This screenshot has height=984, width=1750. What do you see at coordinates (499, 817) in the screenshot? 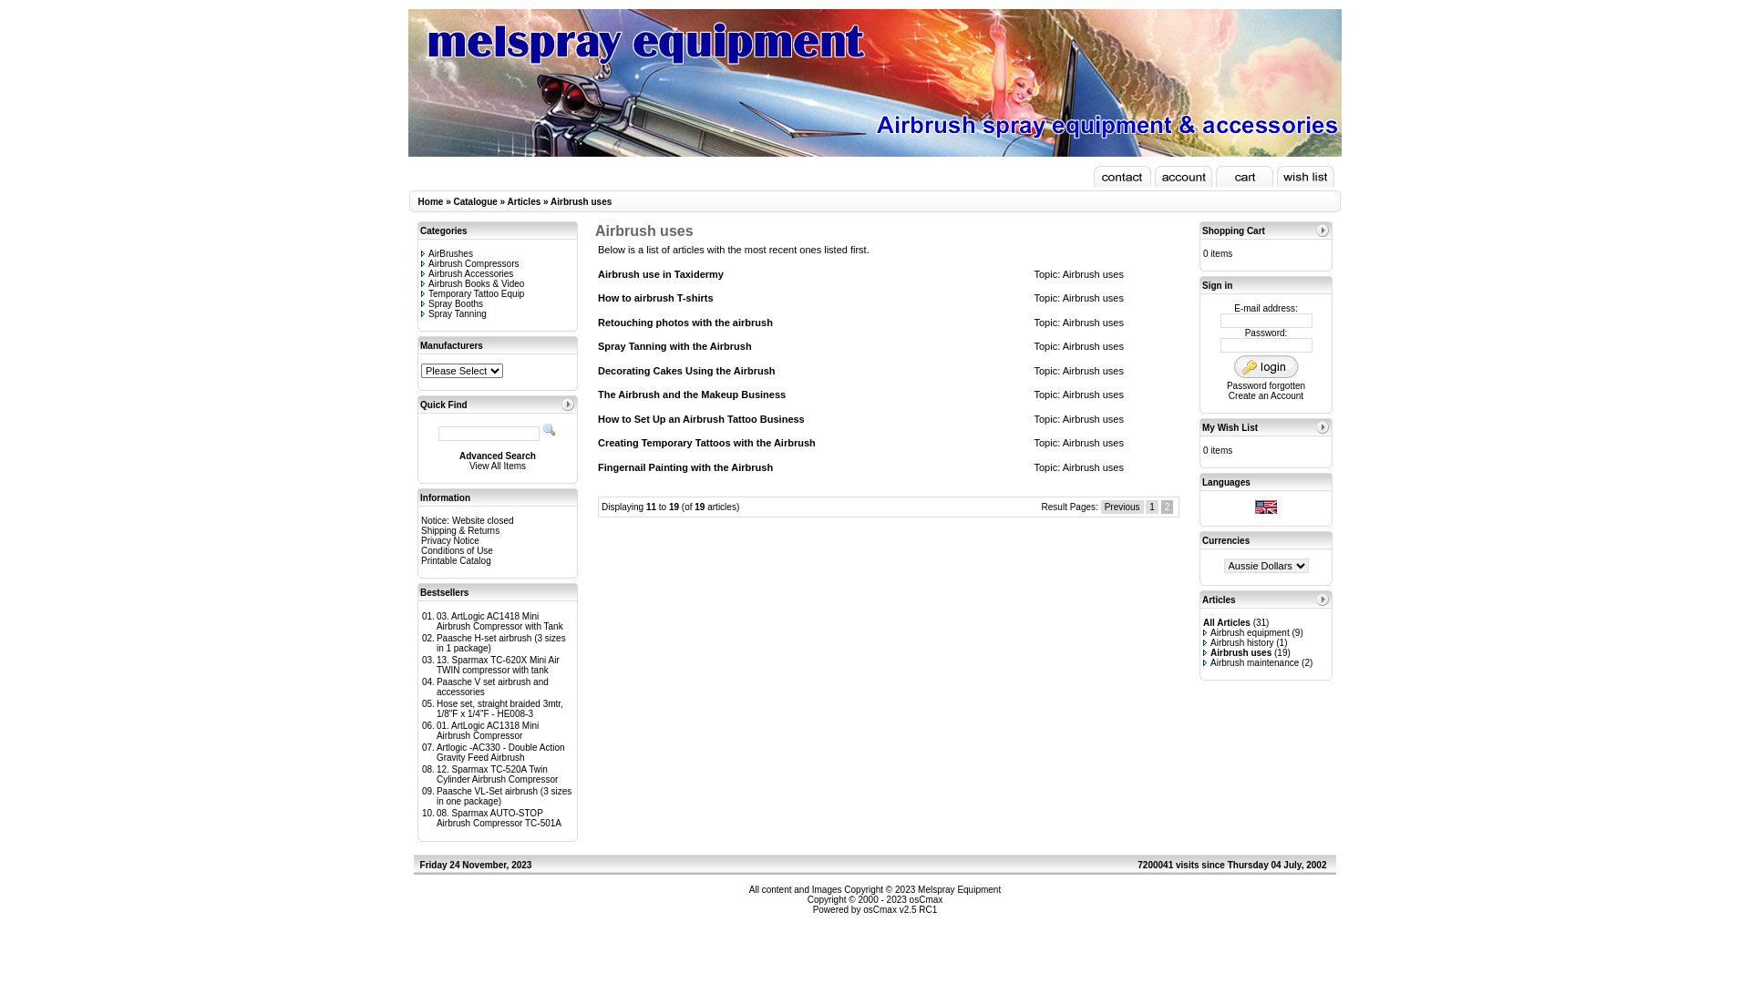
I see `'08. Sparmax AUTO-STOP Airbrush Compressor TC-501A'` at bounding box center [499, 817].